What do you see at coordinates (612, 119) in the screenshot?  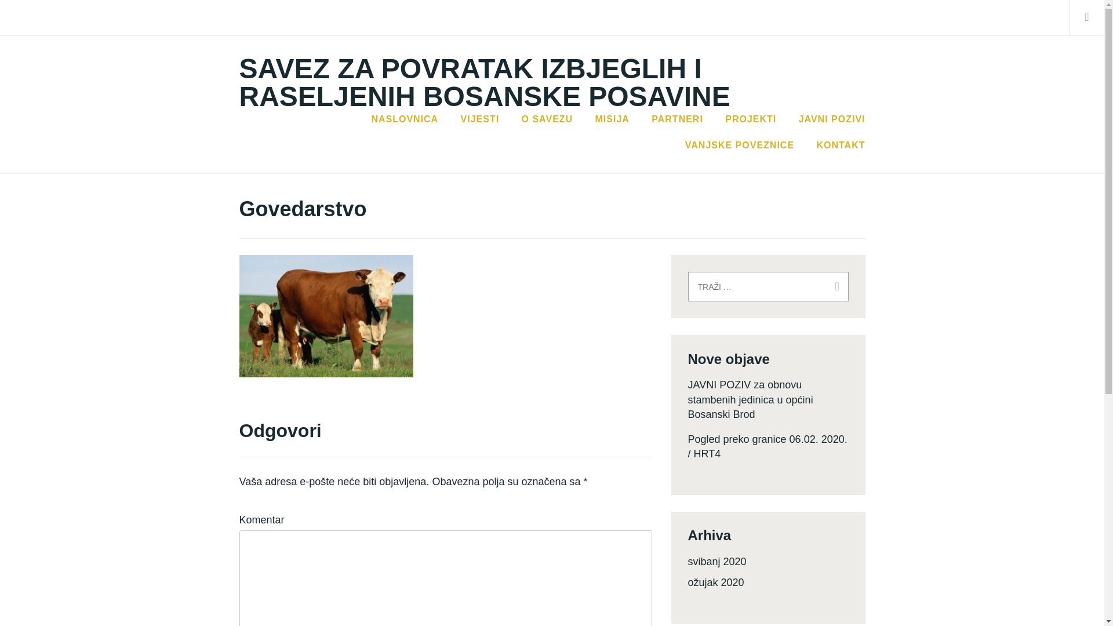 I see `'MISIJA'` at bounding box center [612, 119].